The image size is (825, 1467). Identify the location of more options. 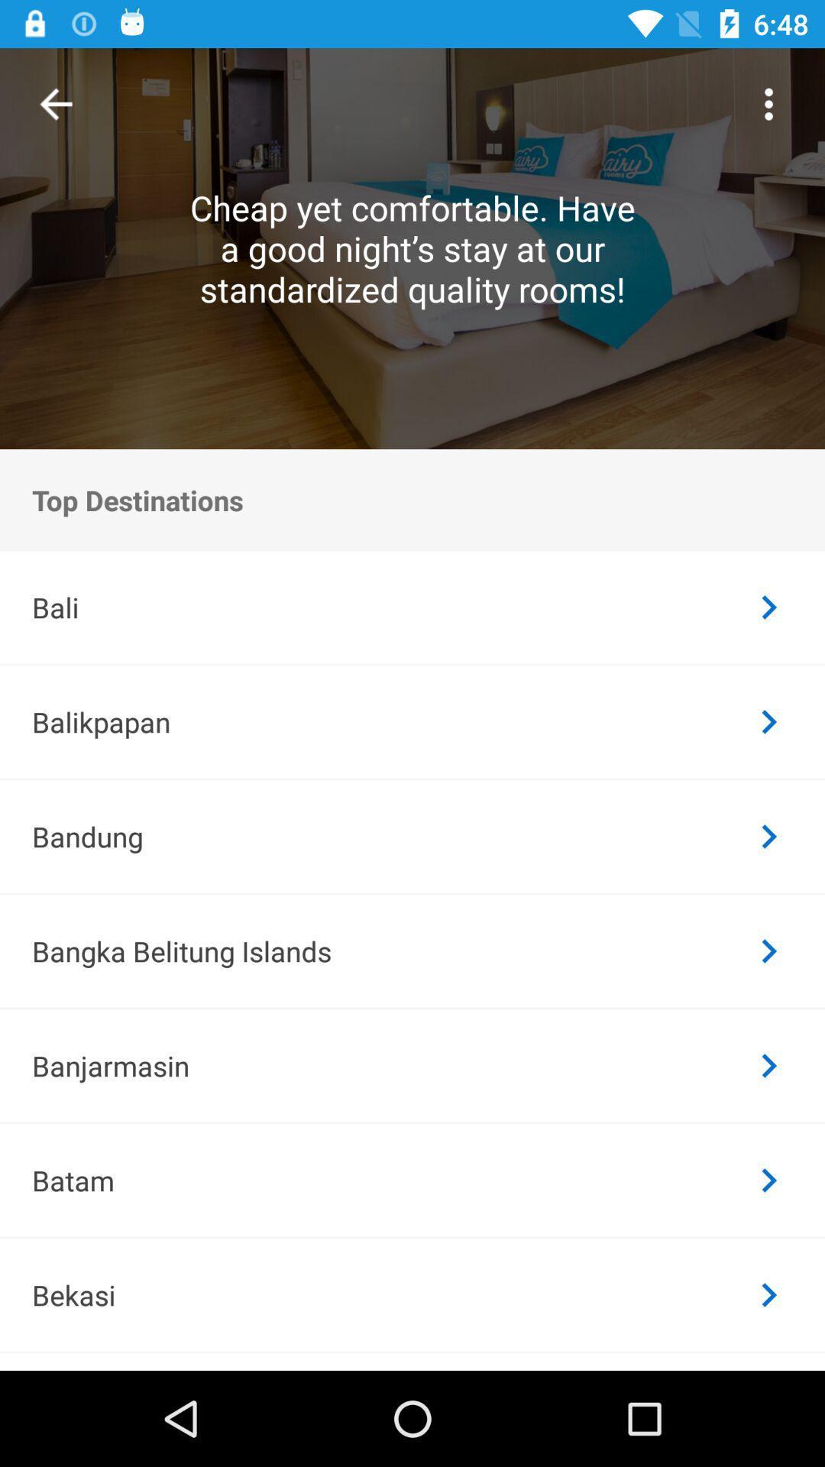
(768, 103).